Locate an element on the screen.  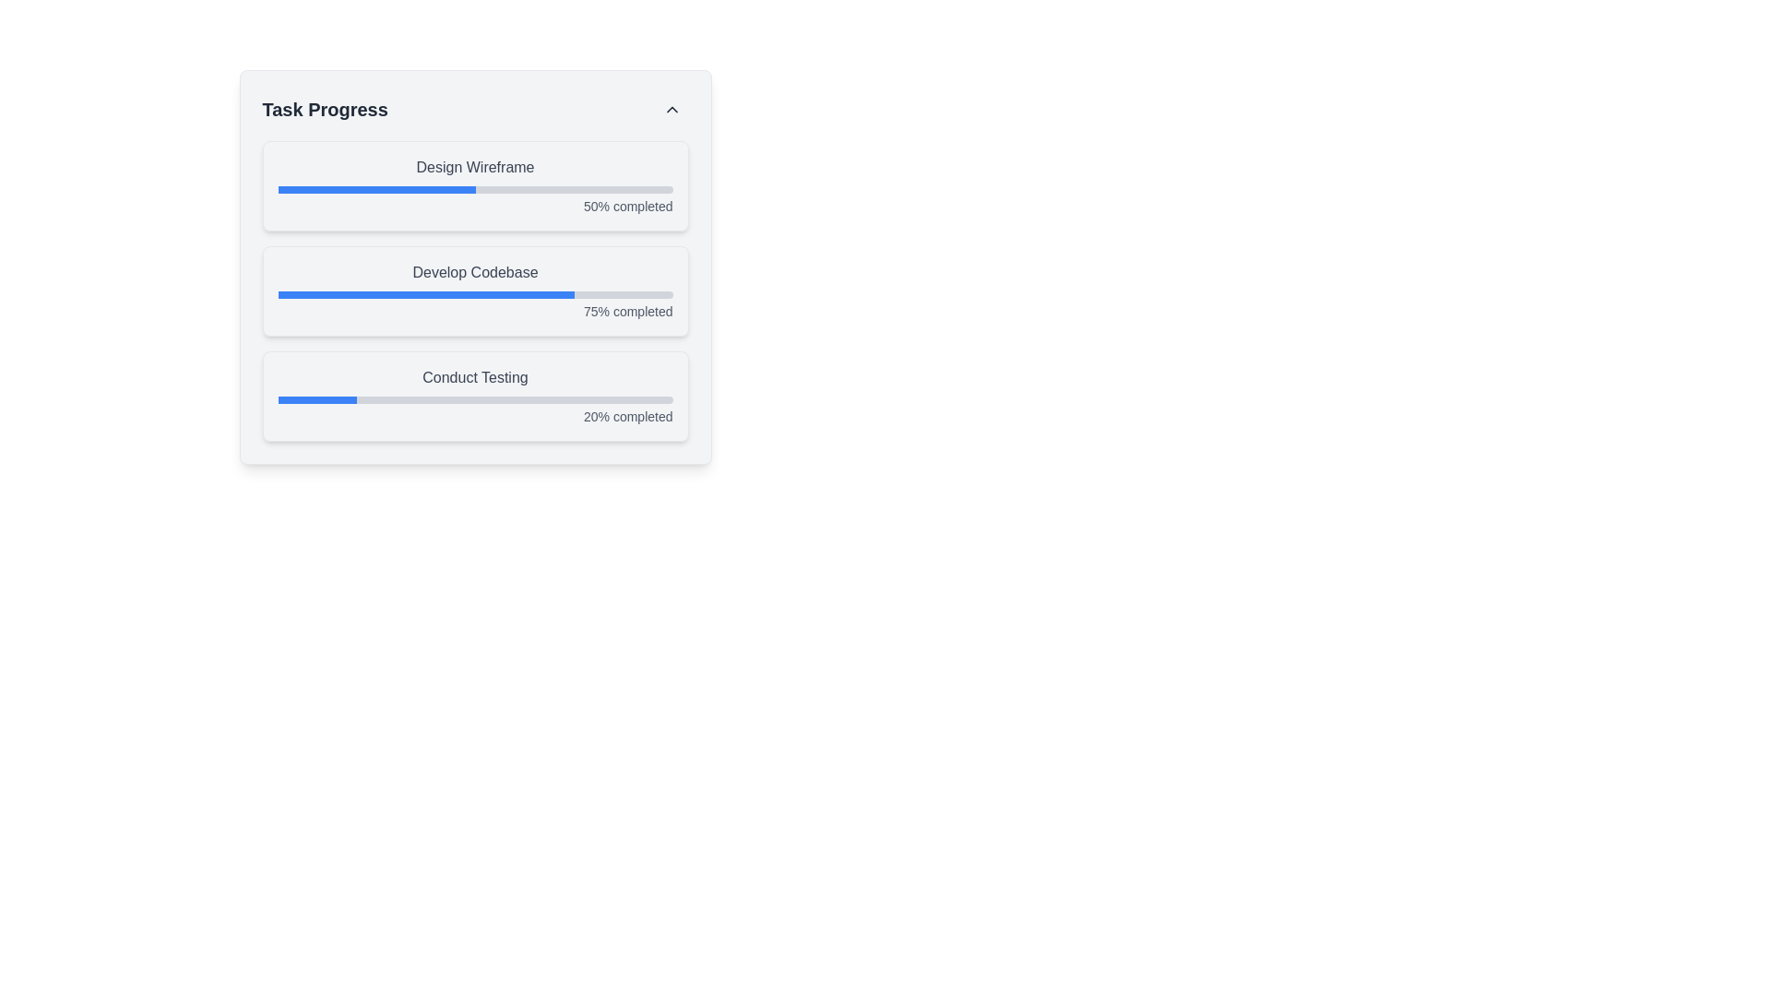
progress data displayed in the Progress Tracker Layout, which visually represents the completion percentage of tasks: 'Design Wireframe', 'Develop Codebase', and 'Conduct Testing' is located at coordinates (475, 267).